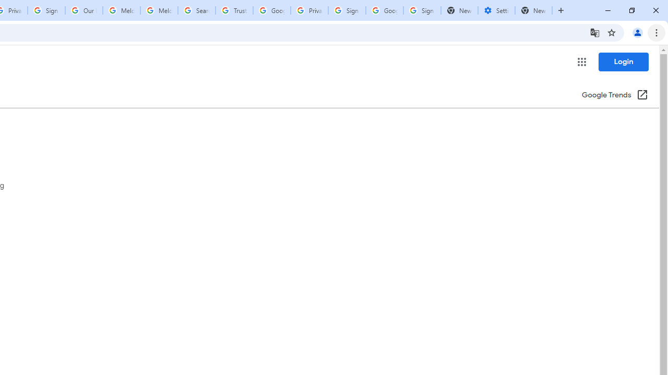 Image resolution: width=668 pixels, height=375 pixels. Describe the element at coordinates (196, 10) in the screenshot. I see `'Search our Doodle Library Collection - Google Doodles'` at that location.